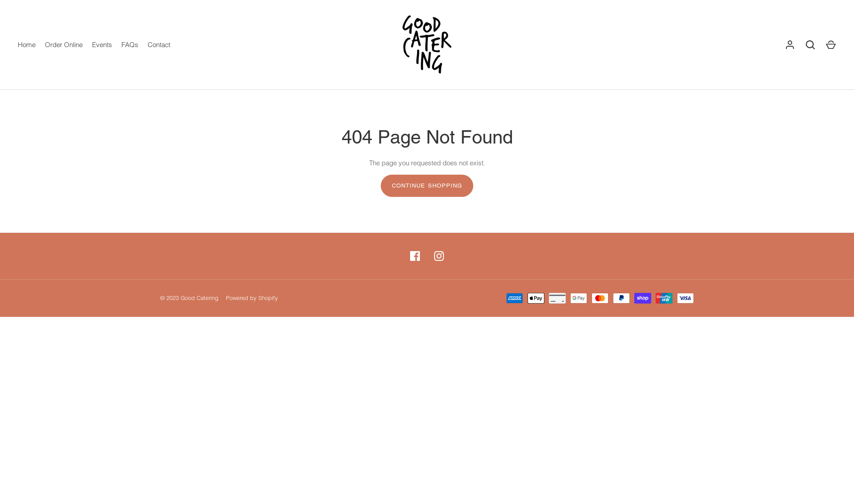 The image size is (854, 480). I want to click on 'Events', so click(87, 45).